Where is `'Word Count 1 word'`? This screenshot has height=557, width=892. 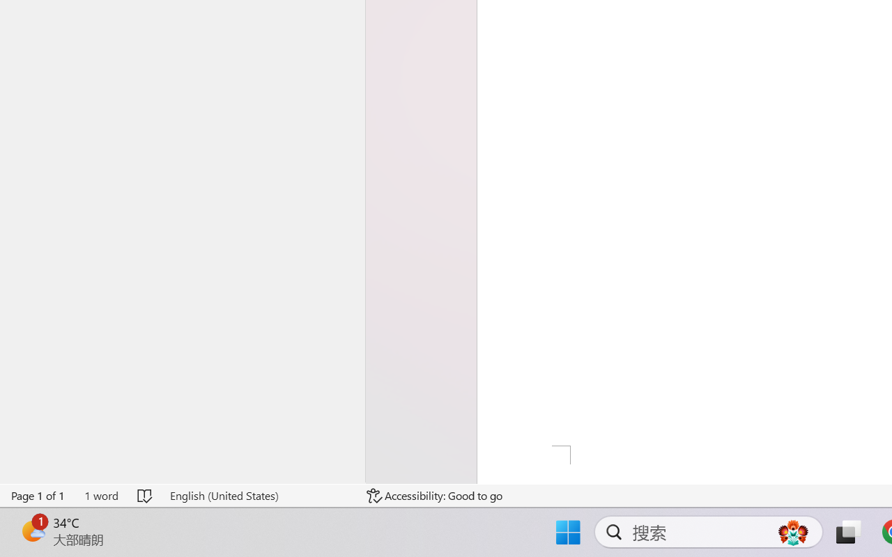 'Word Count 1 word' is located at coordinates (100, 495).